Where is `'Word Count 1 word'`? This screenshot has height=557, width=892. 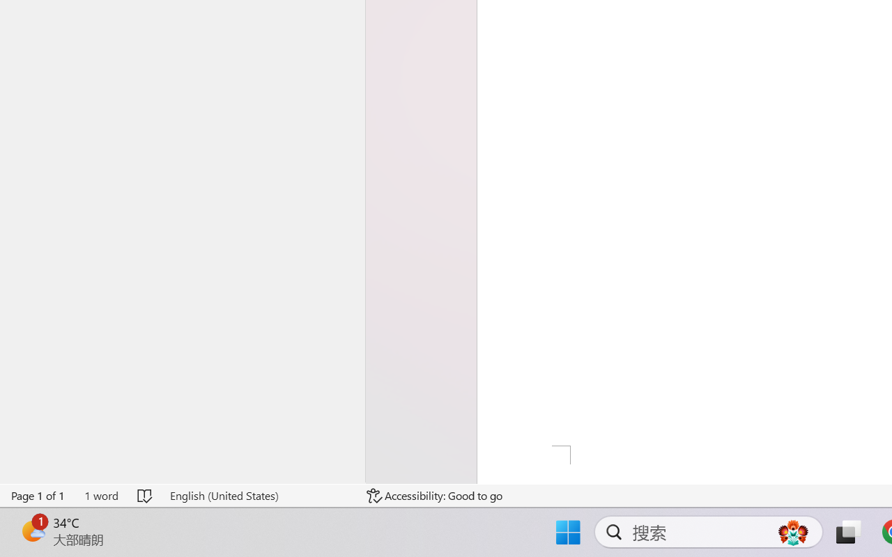 'Word Count 1 word' is located at coordinates (100, 495).